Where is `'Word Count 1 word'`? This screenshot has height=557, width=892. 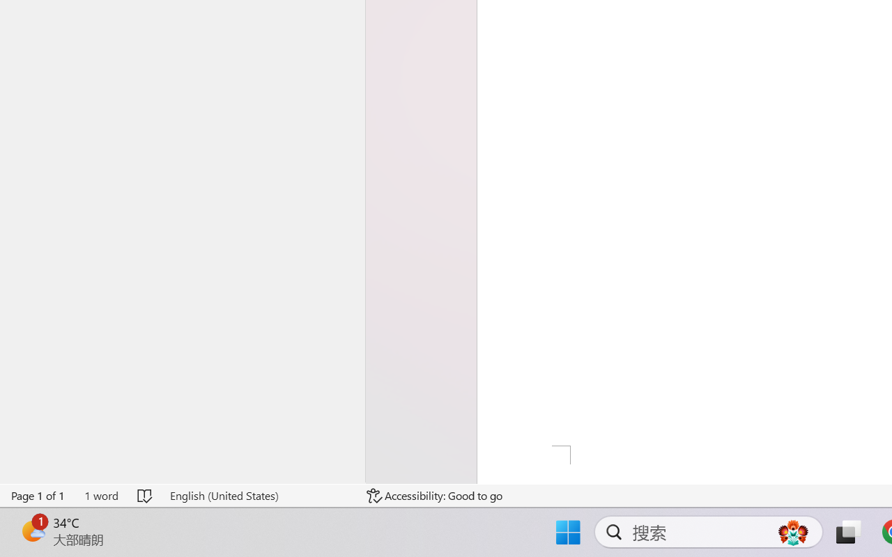 'Word Count 1 word' is located at coordinates (100, 495).